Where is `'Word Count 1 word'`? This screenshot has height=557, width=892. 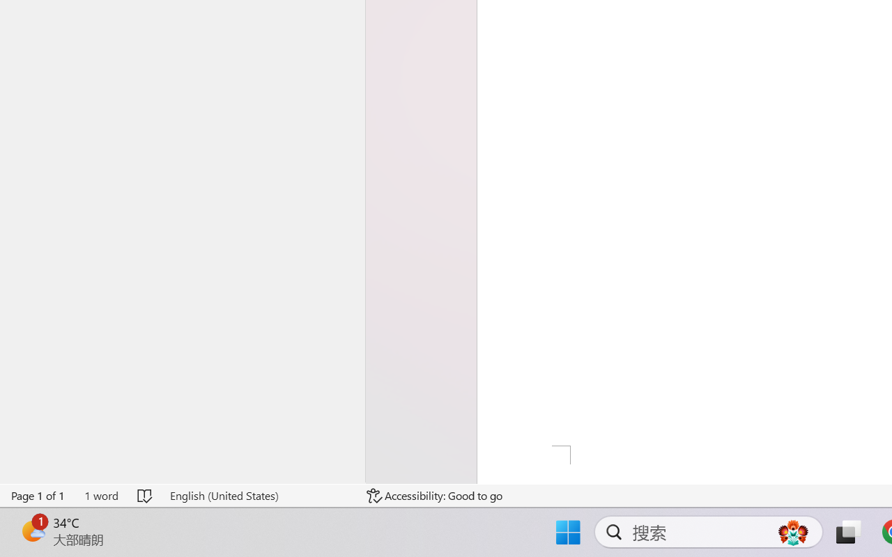 'Word Count 1 word' is located at coordinates (100, 495).